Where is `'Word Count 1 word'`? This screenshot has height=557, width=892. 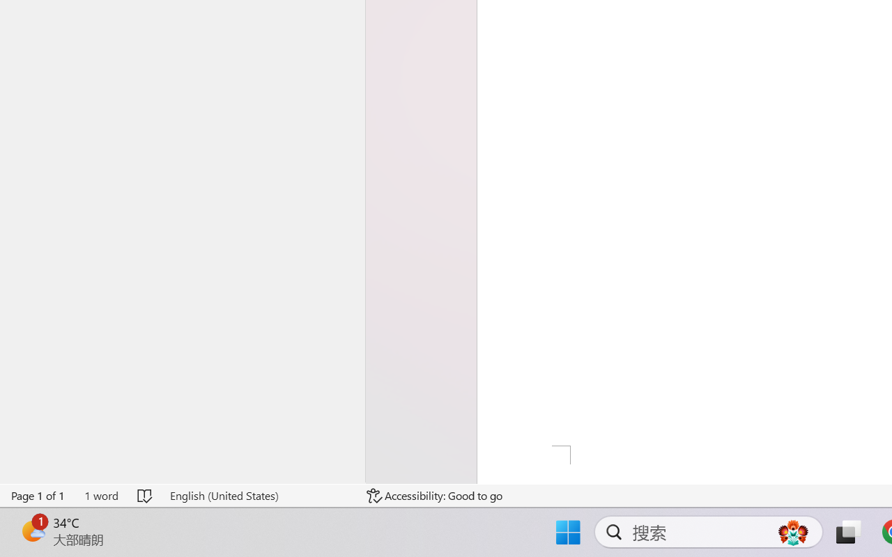 'Word Count 1 word' is located at coordinates (100, 495).